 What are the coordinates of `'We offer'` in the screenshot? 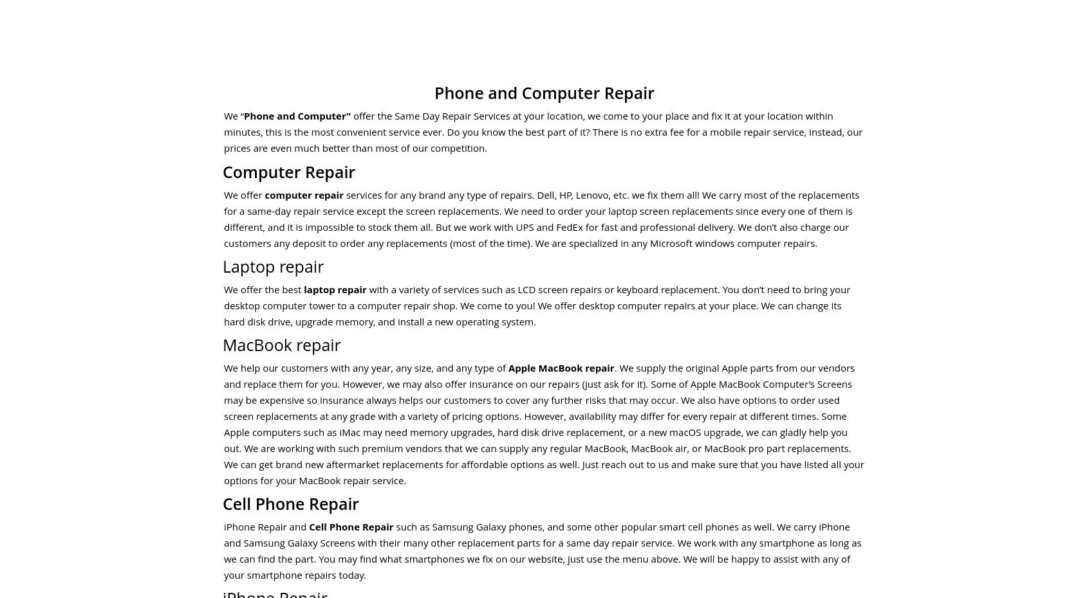 It's located at (244, 194).